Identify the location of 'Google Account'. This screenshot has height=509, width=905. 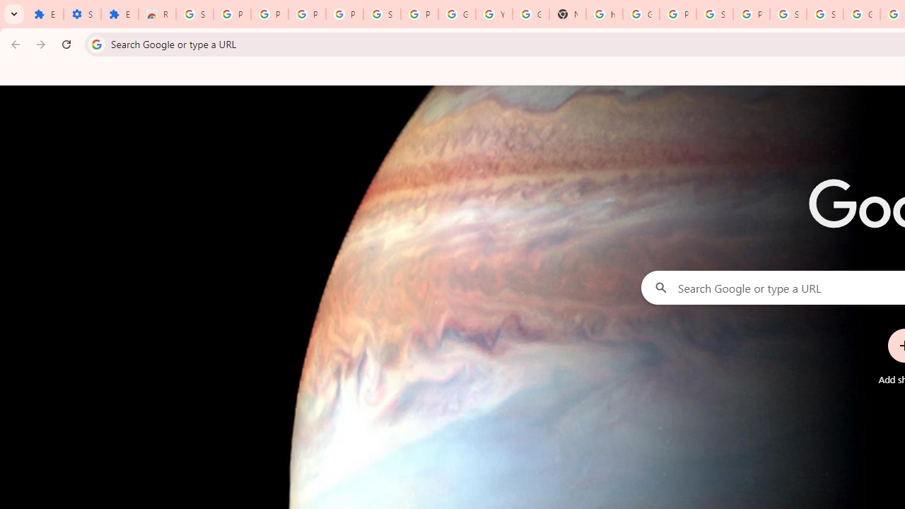
(457, 14).